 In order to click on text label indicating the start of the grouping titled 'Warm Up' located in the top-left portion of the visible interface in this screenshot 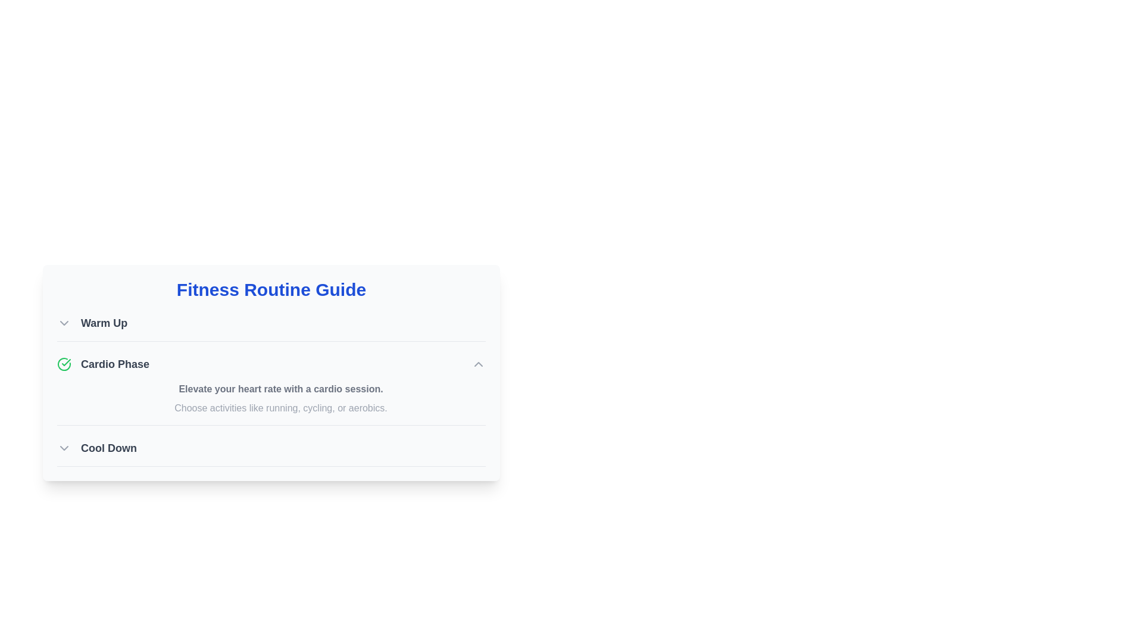, I will do `click(104, 323)`.